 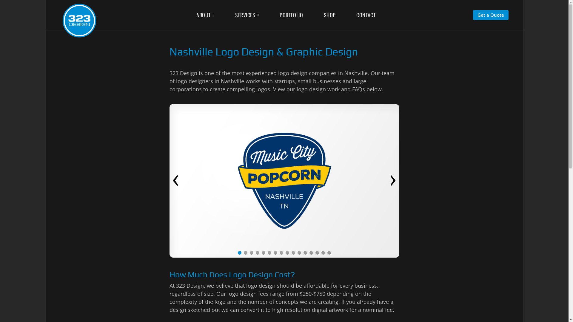 I want to click on '9', so click(x=287, y=253).